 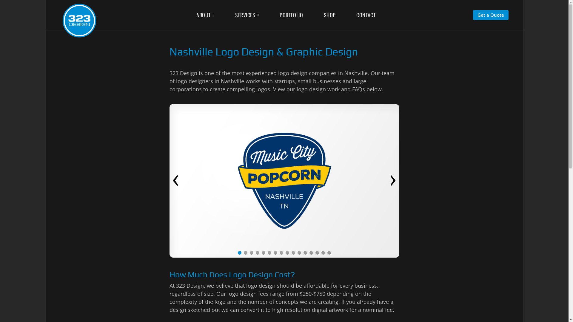 I want to click on '9', so click(x=287, y=253).